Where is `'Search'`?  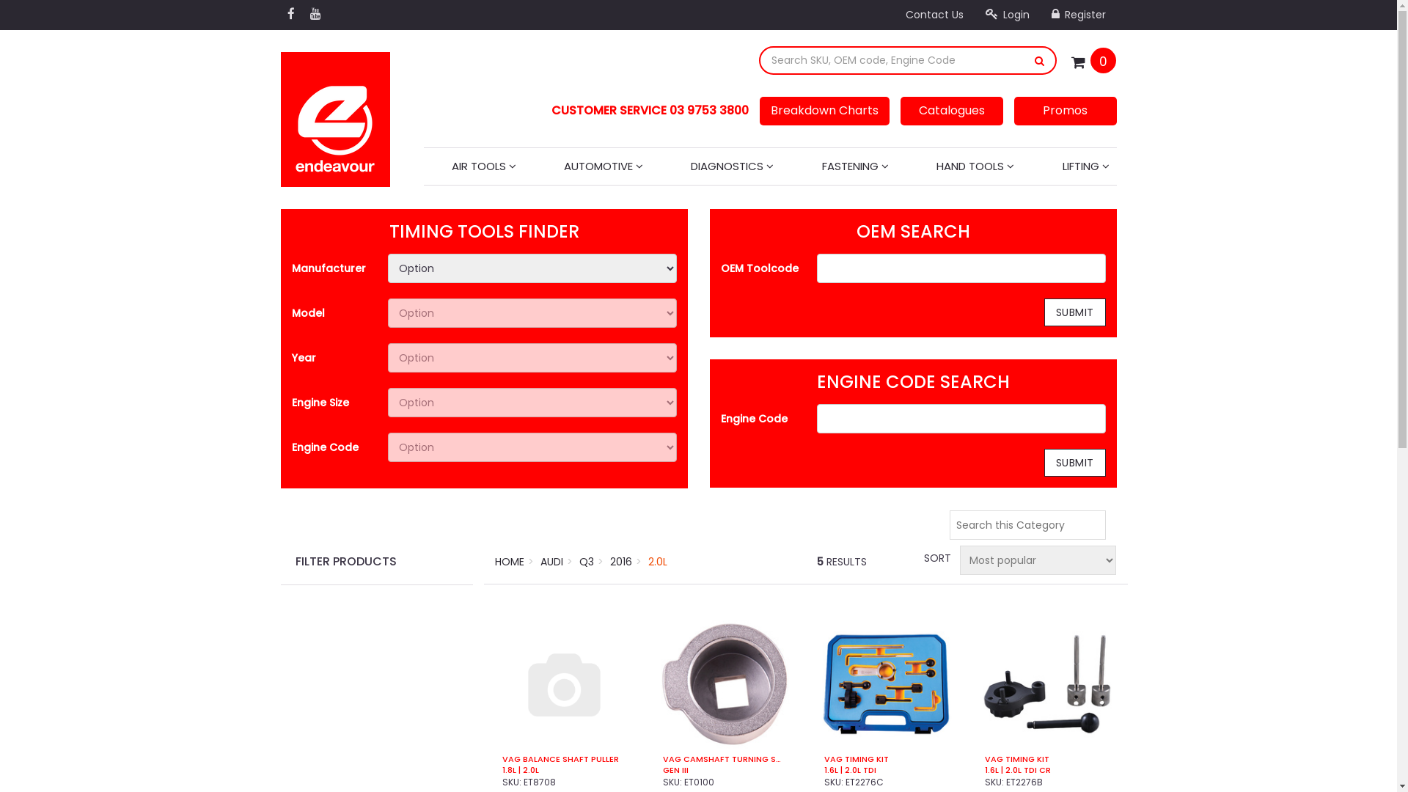
'Search' is located at coordinates (1038, 59).